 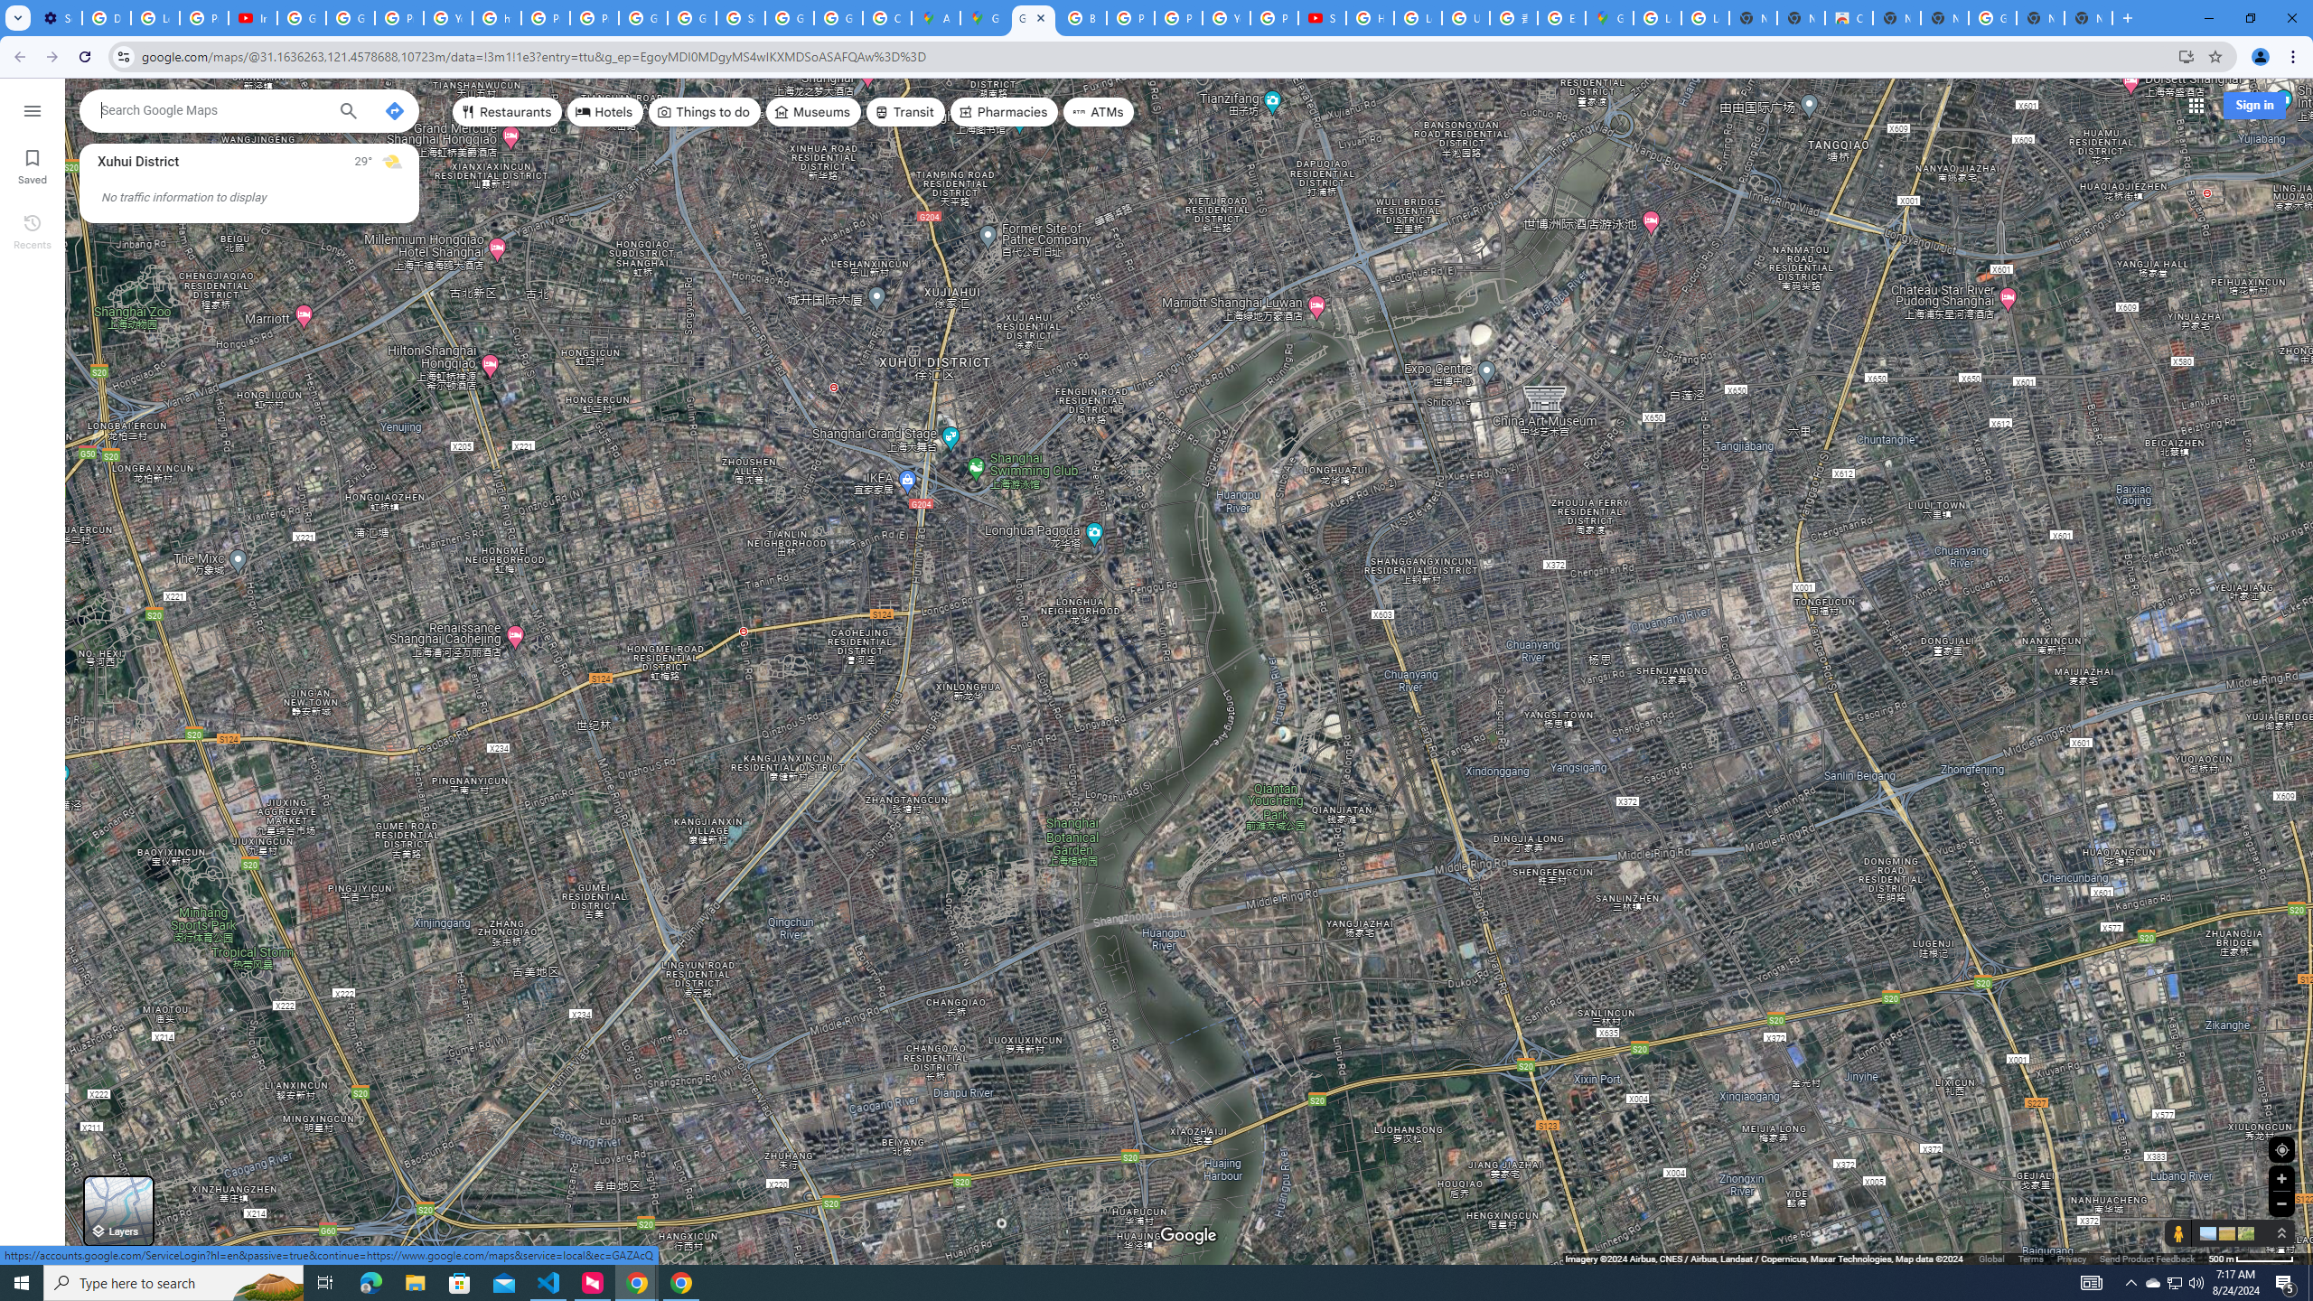 I want to click on 'Things to do', so click(x=703, y=110).